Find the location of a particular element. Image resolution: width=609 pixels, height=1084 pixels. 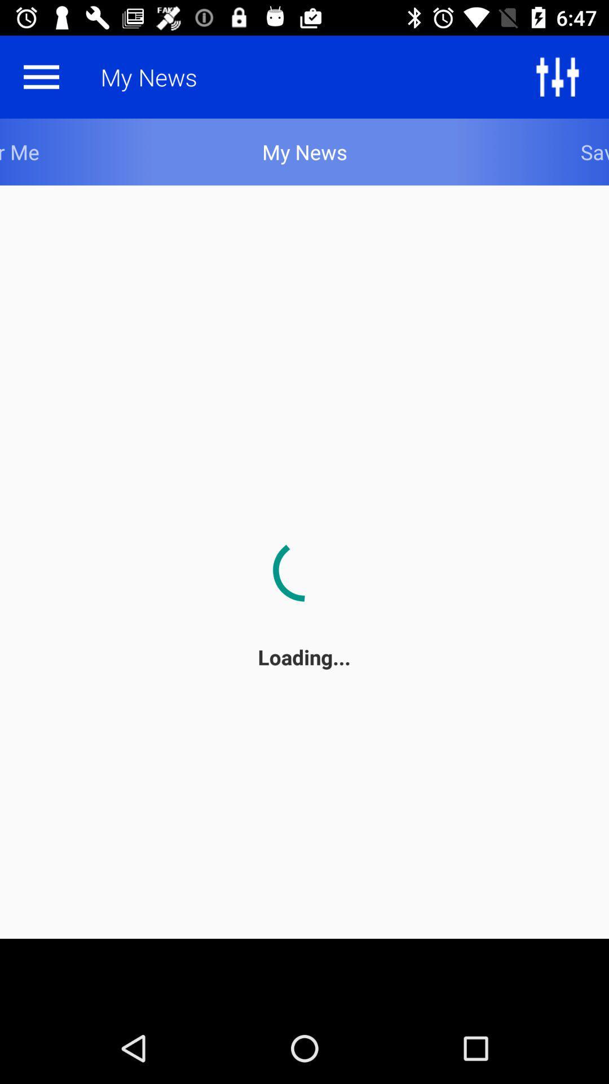

the menu icon is located at coordinates (41, 76).